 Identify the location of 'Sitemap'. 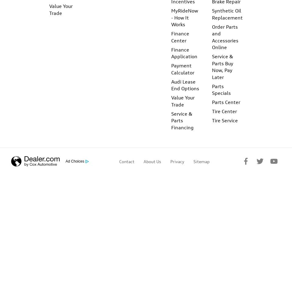
(201, 161).